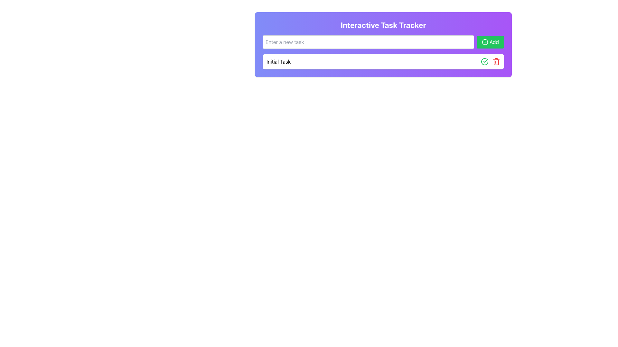  I want to click on the curved rectangle SVG element representing a trash function located in the top-right corner of the second row of controls, so click(496, 62).